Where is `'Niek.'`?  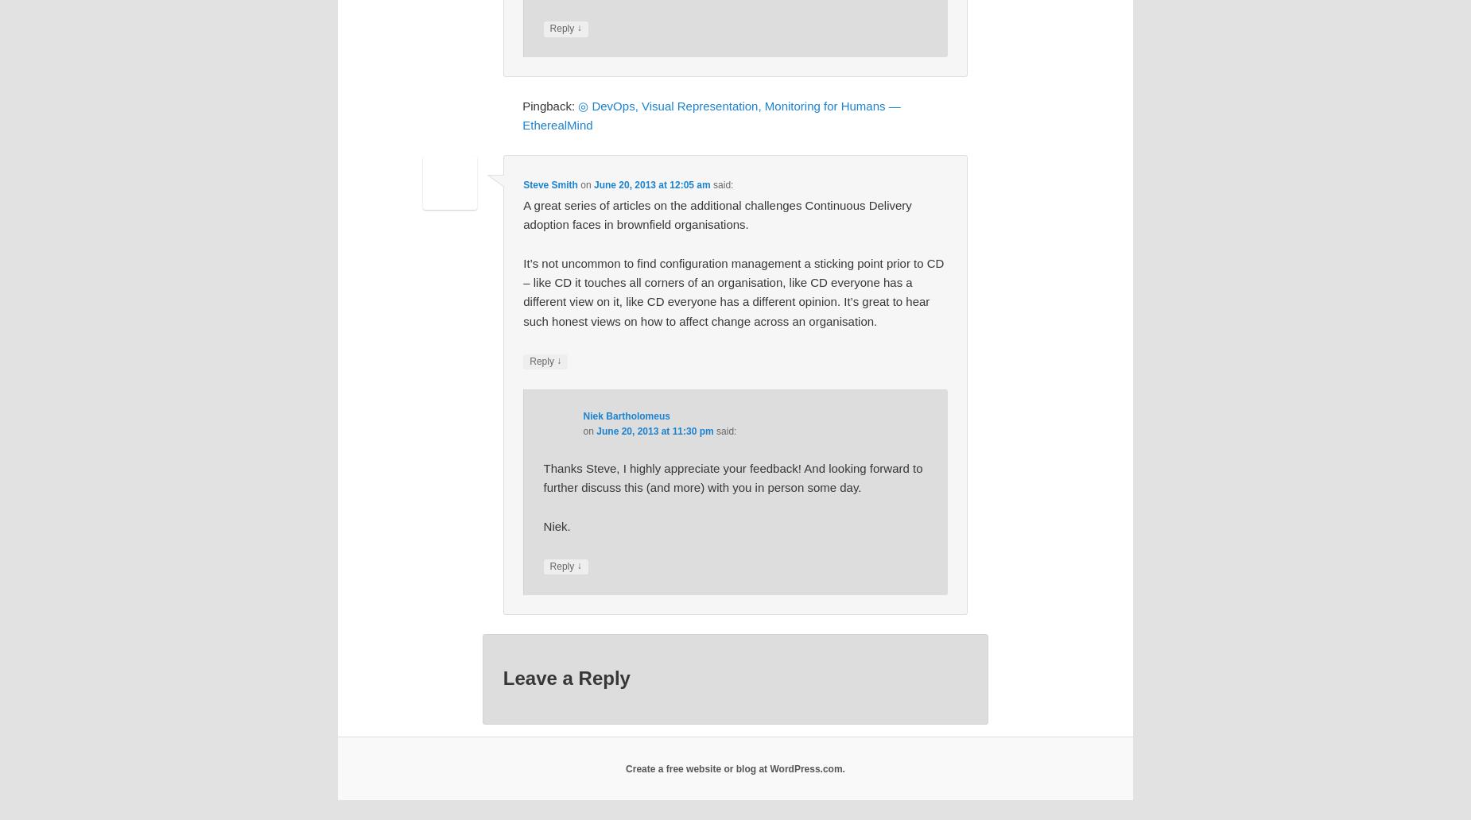
'Niek.' is located at coordinates (557, 525).